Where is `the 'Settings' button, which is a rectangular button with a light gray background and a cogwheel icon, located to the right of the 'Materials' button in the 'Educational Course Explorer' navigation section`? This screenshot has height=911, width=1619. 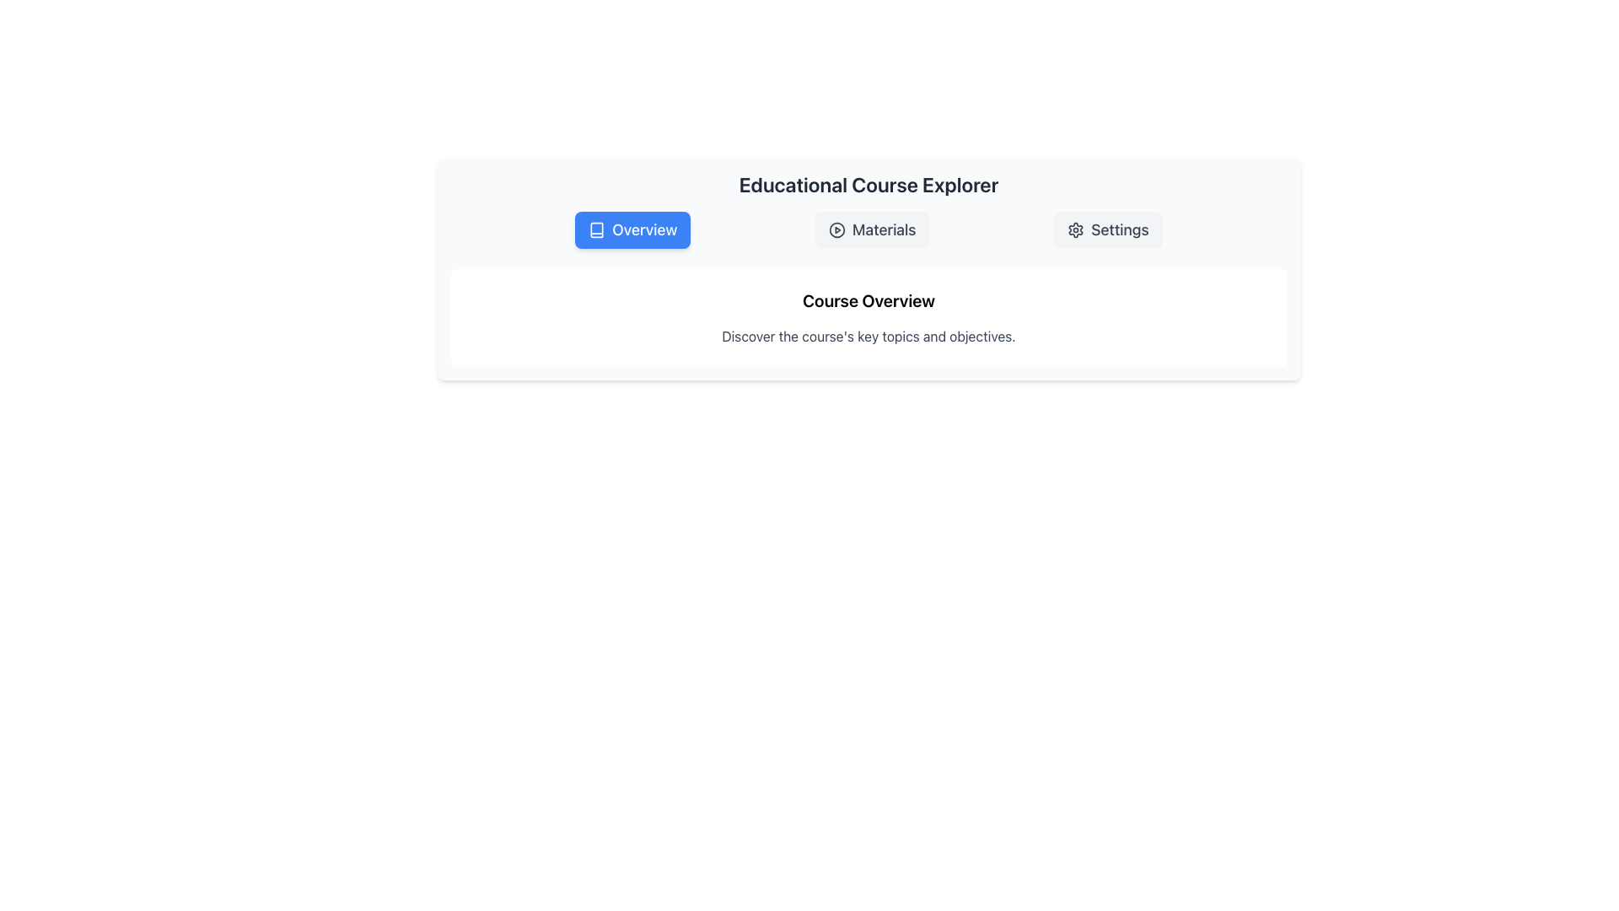
the 'Settings' button, which is a rectangular button with a light gray background and a cogwheel icon, located to the right of the 'Materials' button in the 'Educational Course Explorer' navigation section is located at coordinates (1108, 230).